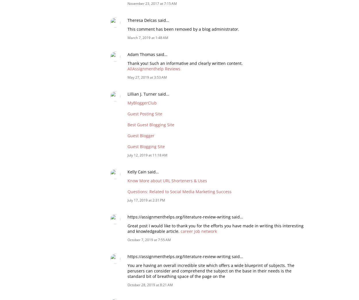 This screenshot has width=359, height=300. What do you see at coordinates (141, 135) in the screenshot?
I see `'Guest Blogger'` at bounding box center [141, 135].